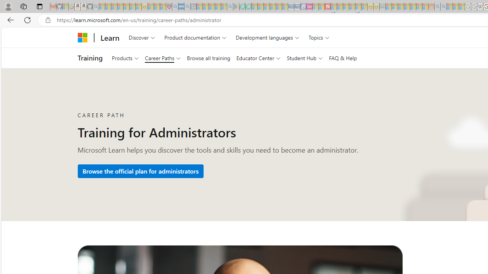 This screenshot has width=488, height=274. Describe the element at coordinates (268, 37) in the screenshot. I see `'Development languages'` at that location.